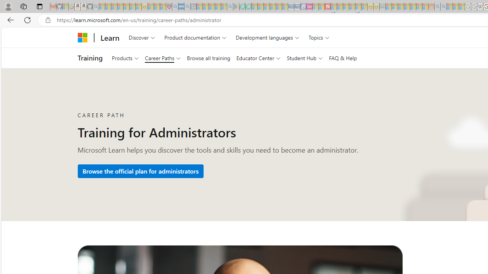 This screenshot has width=488, height=274. Describe the element at coordinates (268, 37) in the screenshot. I see `'Development languages'` at that location.